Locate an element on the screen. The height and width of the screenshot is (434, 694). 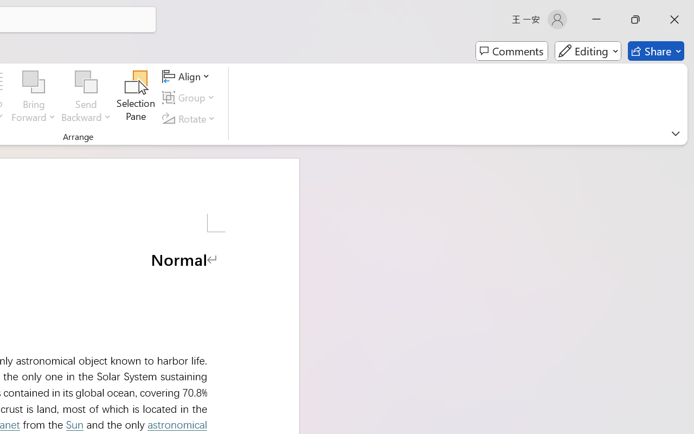
'Bring Forward' is located at coordinates (34, 82).